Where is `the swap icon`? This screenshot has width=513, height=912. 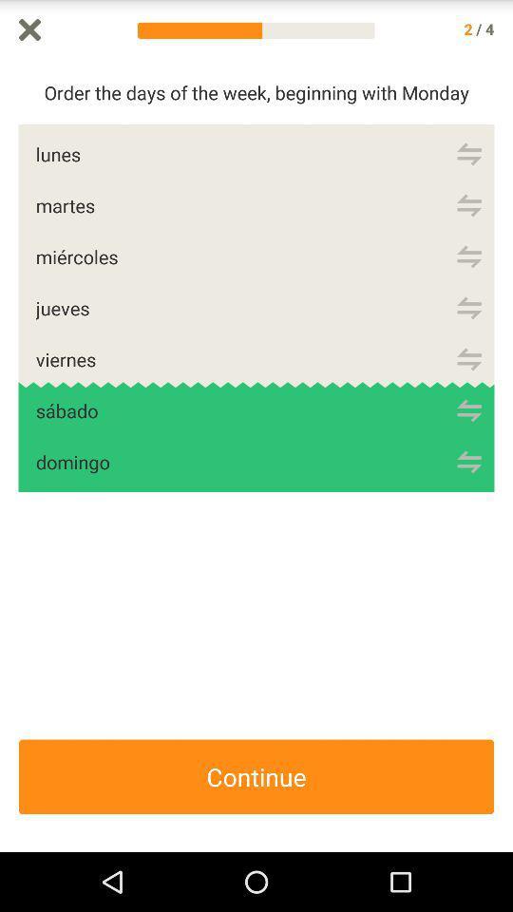
the swap icon is located at coordinates (468, 274).